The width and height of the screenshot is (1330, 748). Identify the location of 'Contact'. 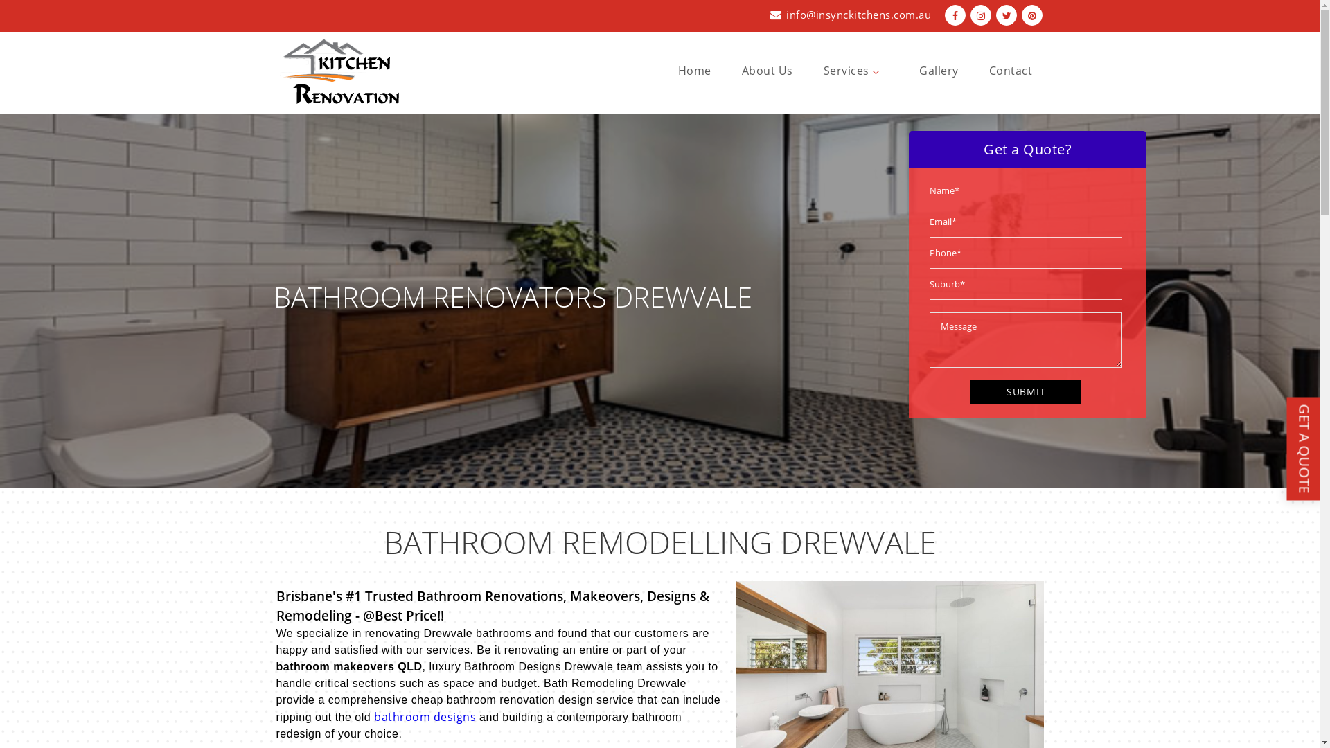
(988, 70).